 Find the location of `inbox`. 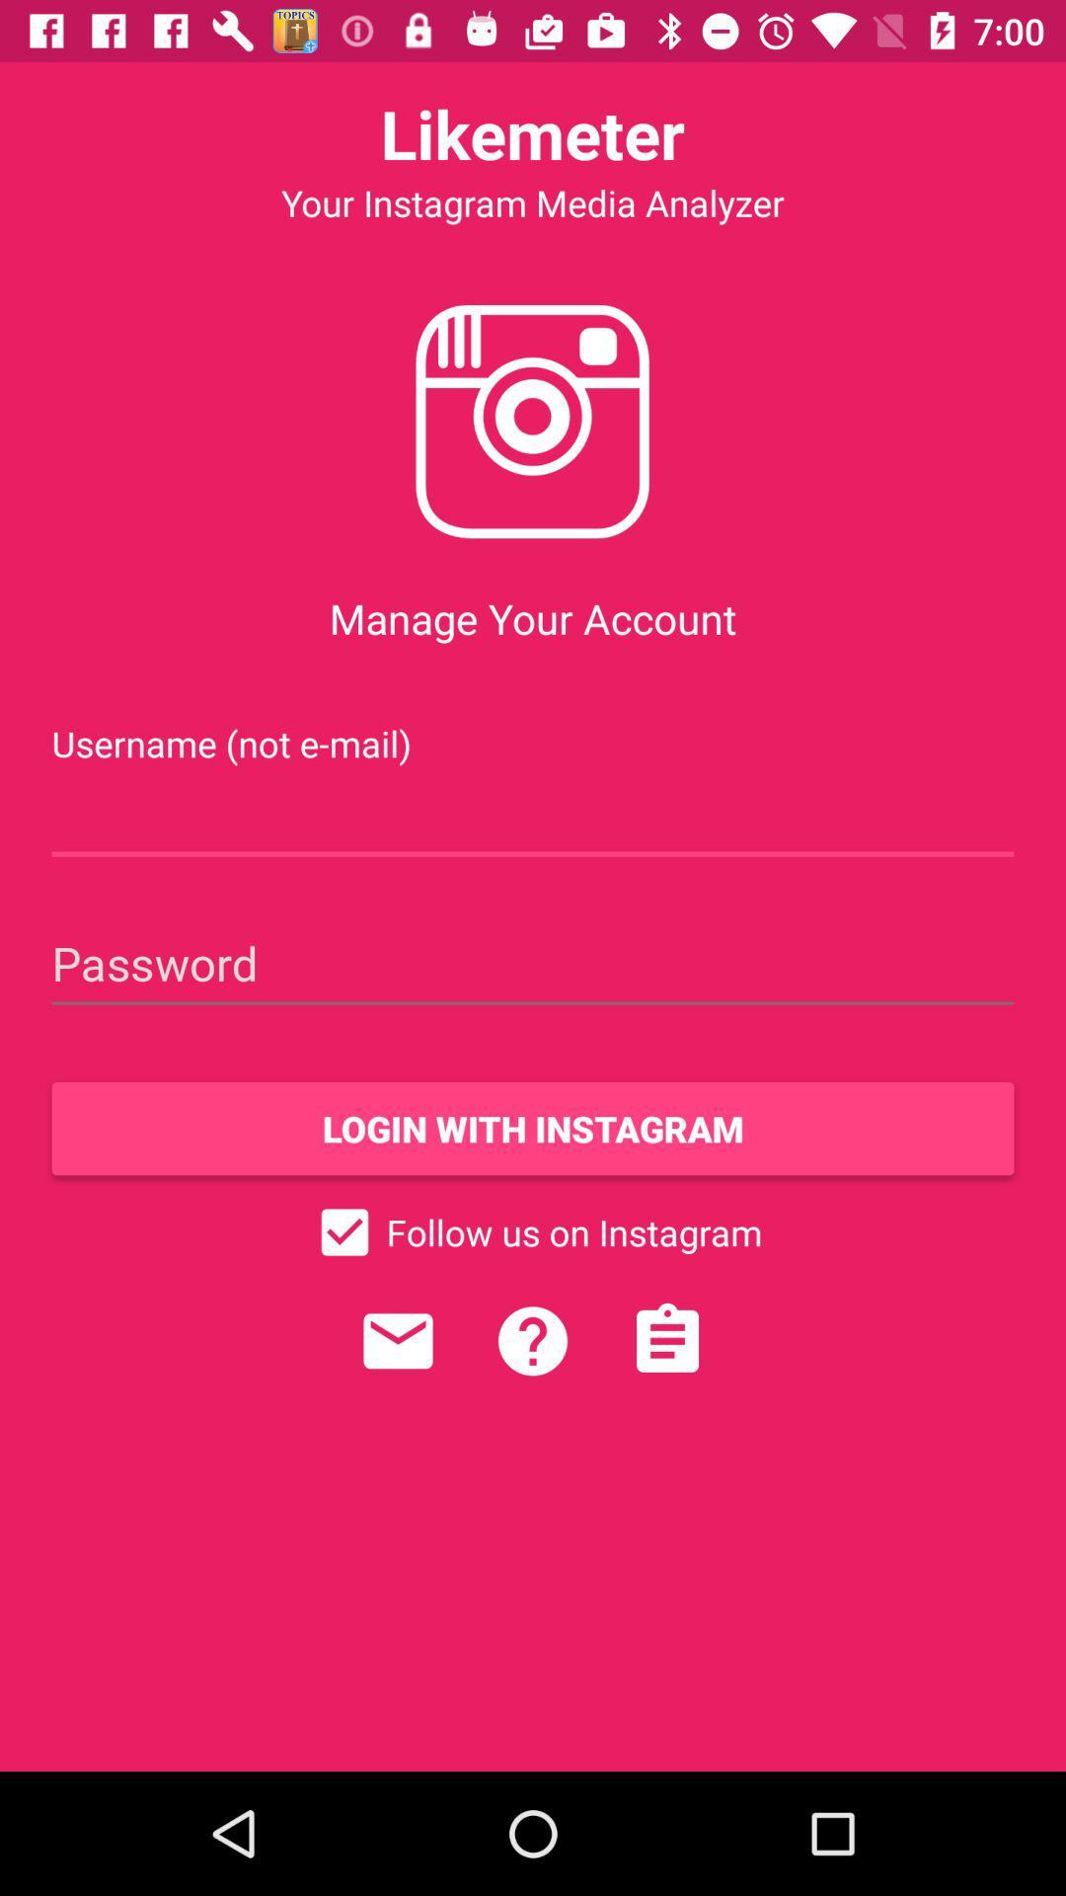

inbox is located at coordinates (398, 1341).